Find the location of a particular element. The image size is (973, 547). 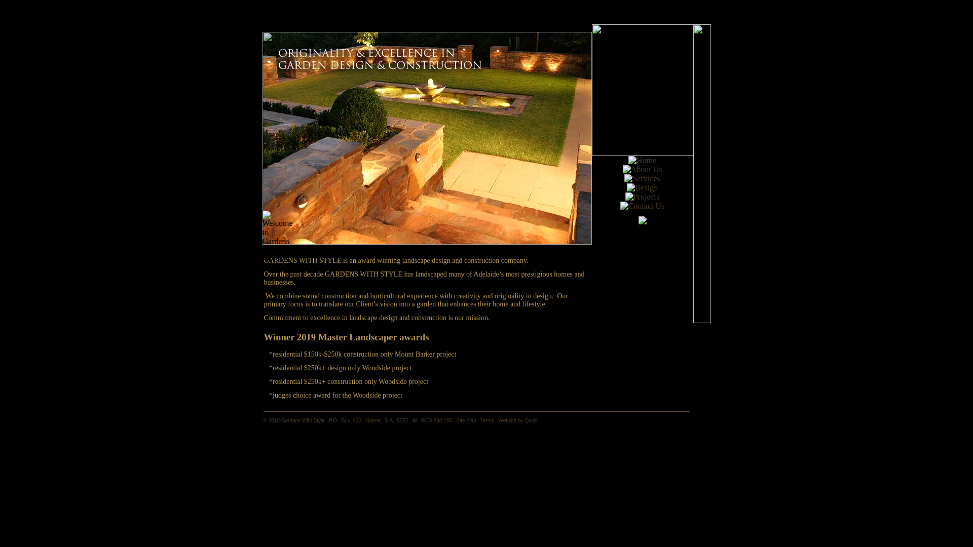

'Website by Quisk' is located at coordinates (518, 420).